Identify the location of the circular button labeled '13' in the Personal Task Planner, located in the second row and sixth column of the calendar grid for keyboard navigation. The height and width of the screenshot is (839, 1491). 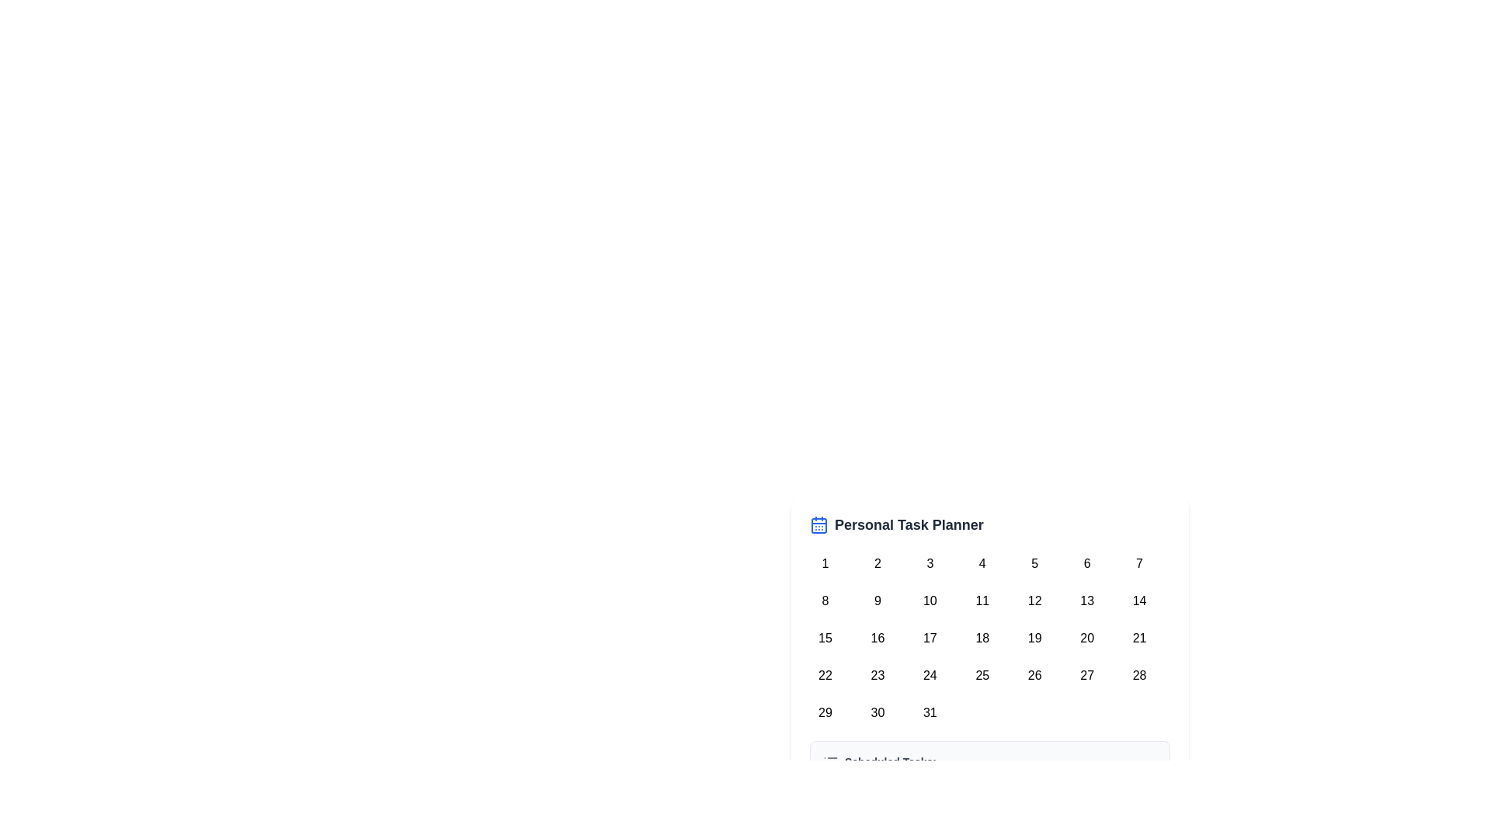
(1086, 601).